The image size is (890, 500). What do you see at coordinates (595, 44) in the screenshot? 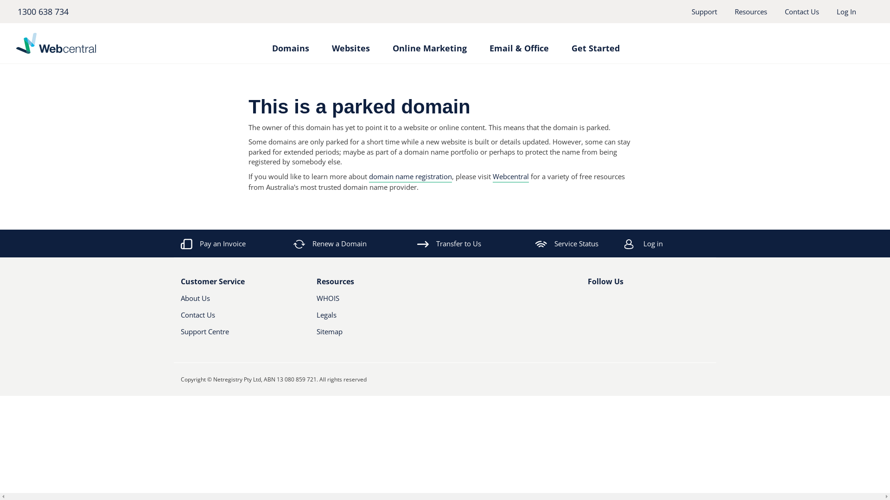
I see `'Get Started'` at bounding box center [595, 44].